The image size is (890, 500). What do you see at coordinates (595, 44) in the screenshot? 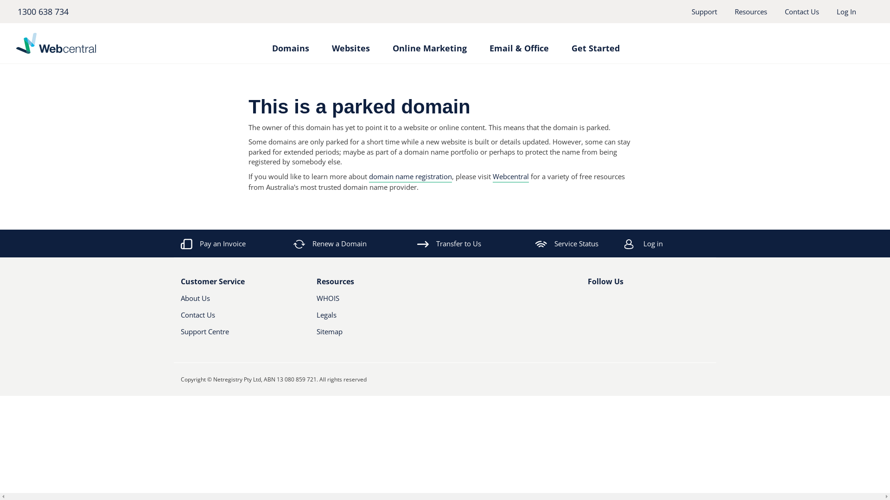
I see `'Get Started'` at bounding box center [595, 44].